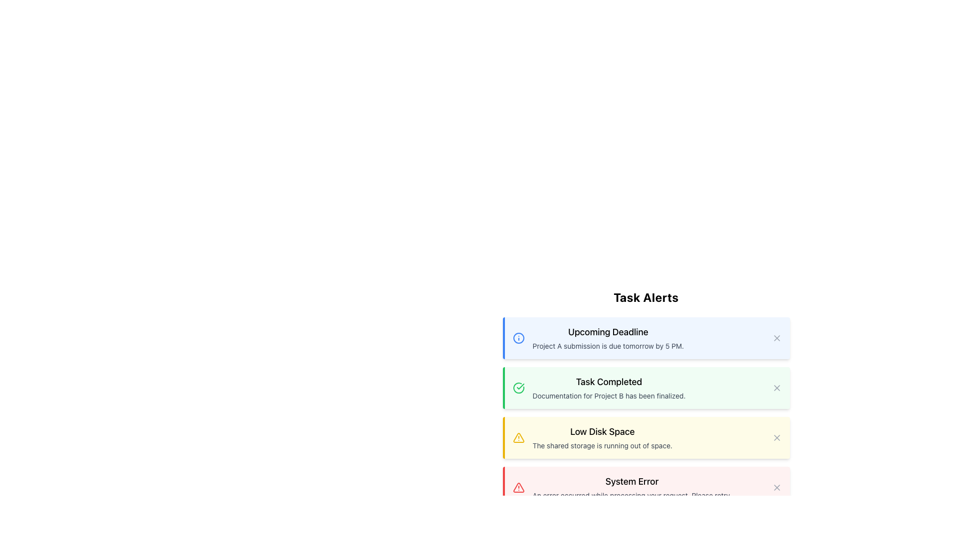 Image resolution: width=957 pixels, height=538 pixels. I want to click on error message from the Notification Alert Box, which is the fourth alert in the vertical stack under the 'Task Alerts' header, so click(647, 487).